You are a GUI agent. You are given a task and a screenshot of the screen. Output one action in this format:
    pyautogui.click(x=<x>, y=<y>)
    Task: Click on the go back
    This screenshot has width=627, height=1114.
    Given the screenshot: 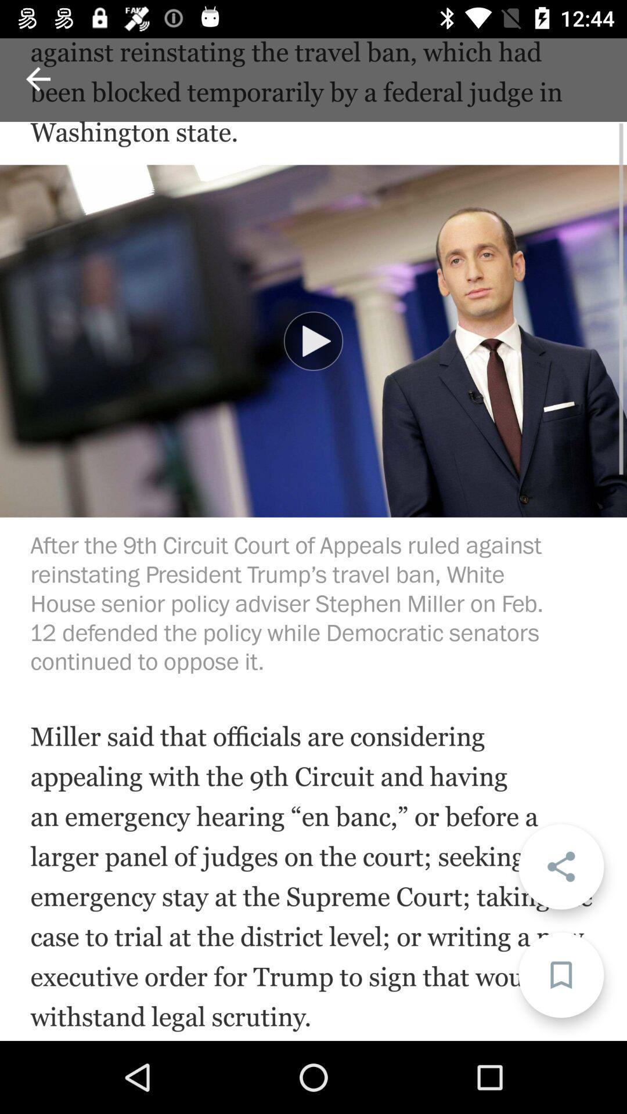 What is the action you would take?
    pyautogui.click(x=37, y=78)
    